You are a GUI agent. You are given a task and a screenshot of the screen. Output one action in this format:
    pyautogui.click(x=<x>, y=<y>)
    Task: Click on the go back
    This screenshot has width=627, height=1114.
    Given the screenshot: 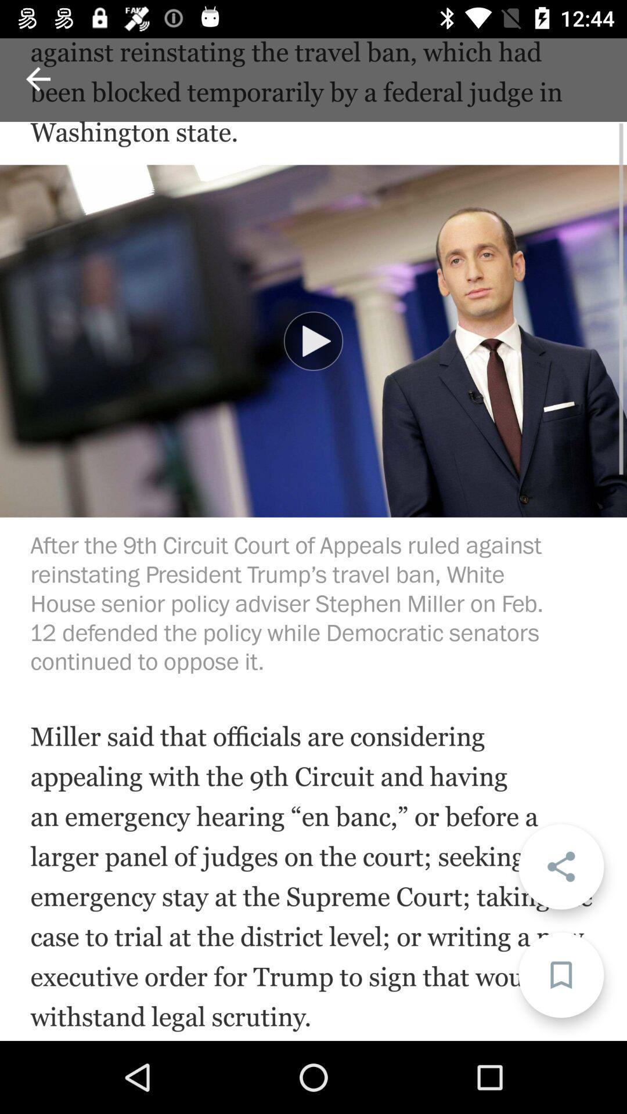 What is the action you would take?
    pyautogui.click(x=37, y=78)
    